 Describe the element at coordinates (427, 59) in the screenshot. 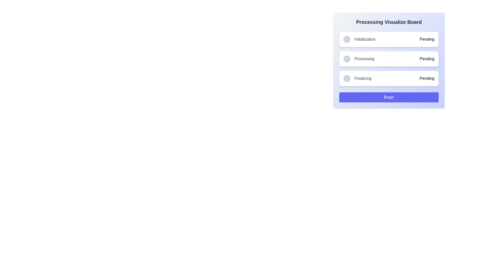

I see `the 'Pending' status text label located in the second row of the list under 'Processing Visualize Board', positioned to the right of the 'Processing' text and a circular icon` at that location.